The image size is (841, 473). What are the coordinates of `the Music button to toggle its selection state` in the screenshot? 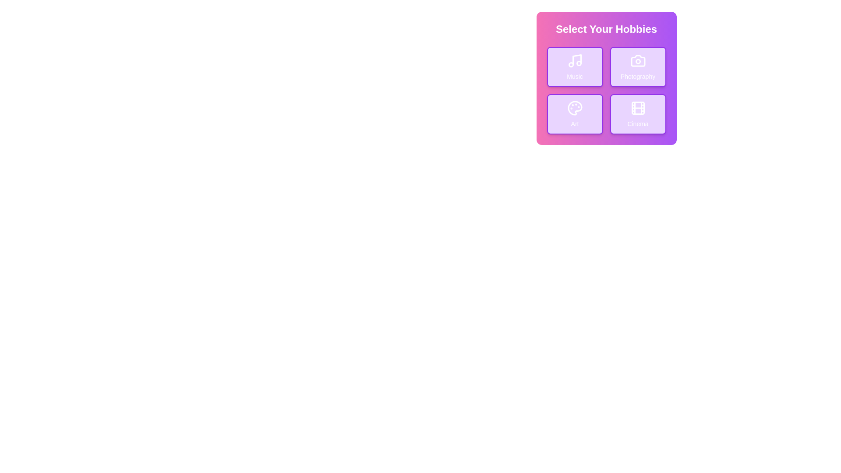 It's located at (575, 67).